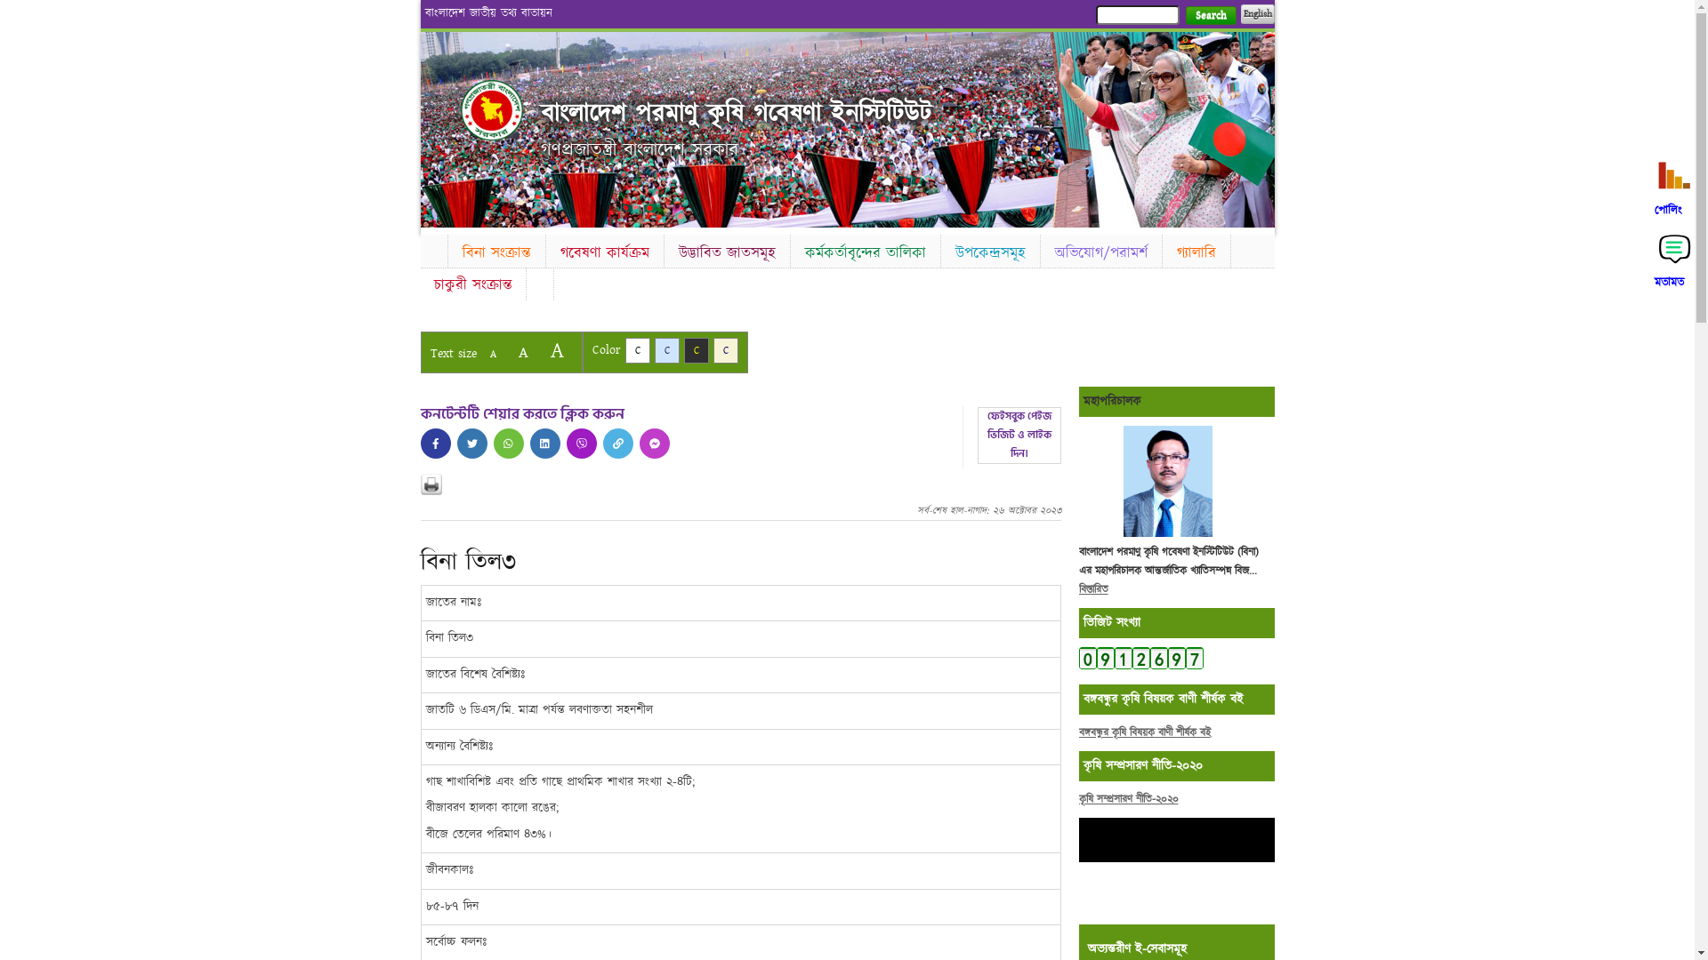 The image size is (1708, 960). I want to click on 'English', so click(1255, 13).